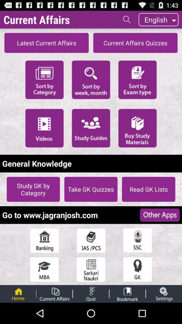  What do you see at coordinates (127, 293) in the screenshot?
I see `bookmark` at bounding box center [127, 293].